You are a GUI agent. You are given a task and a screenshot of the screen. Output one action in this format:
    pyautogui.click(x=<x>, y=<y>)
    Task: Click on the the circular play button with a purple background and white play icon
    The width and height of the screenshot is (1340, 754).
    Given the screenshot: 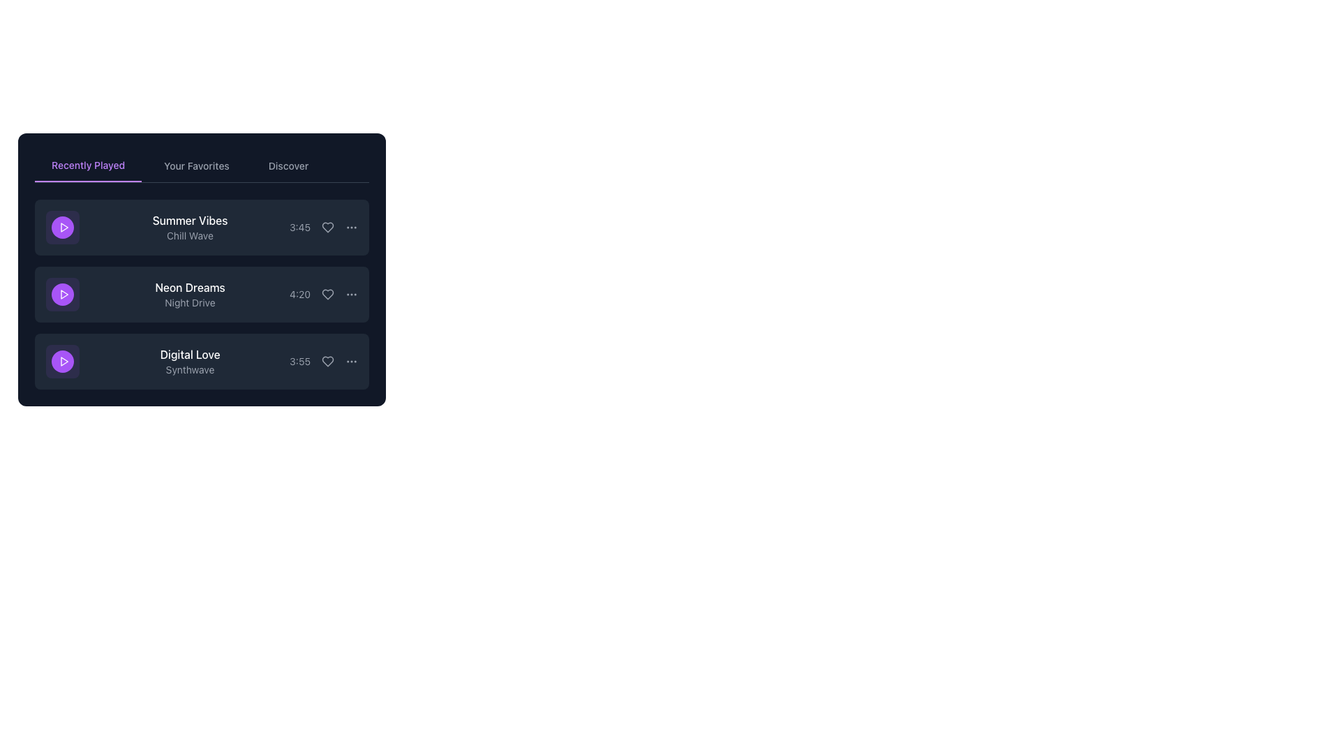 What is the action you would take?
    pyautogui.click(x=62, y=360)
    